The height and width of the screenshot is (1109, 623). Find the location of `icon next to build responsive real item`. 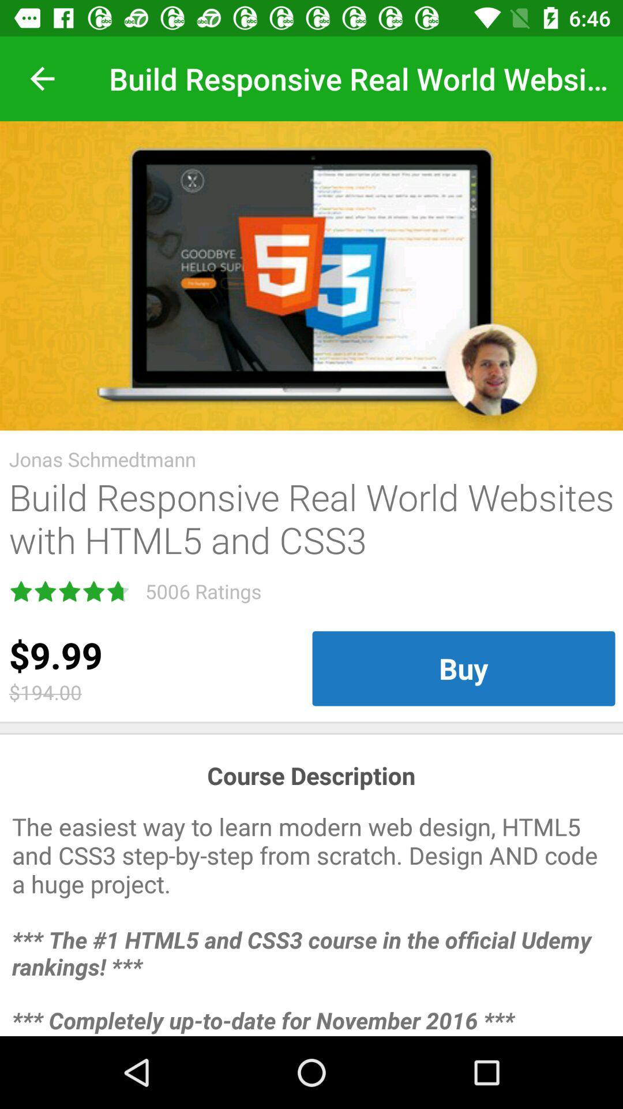

icon next to build responsive real item is located at coordinates (42, 78).